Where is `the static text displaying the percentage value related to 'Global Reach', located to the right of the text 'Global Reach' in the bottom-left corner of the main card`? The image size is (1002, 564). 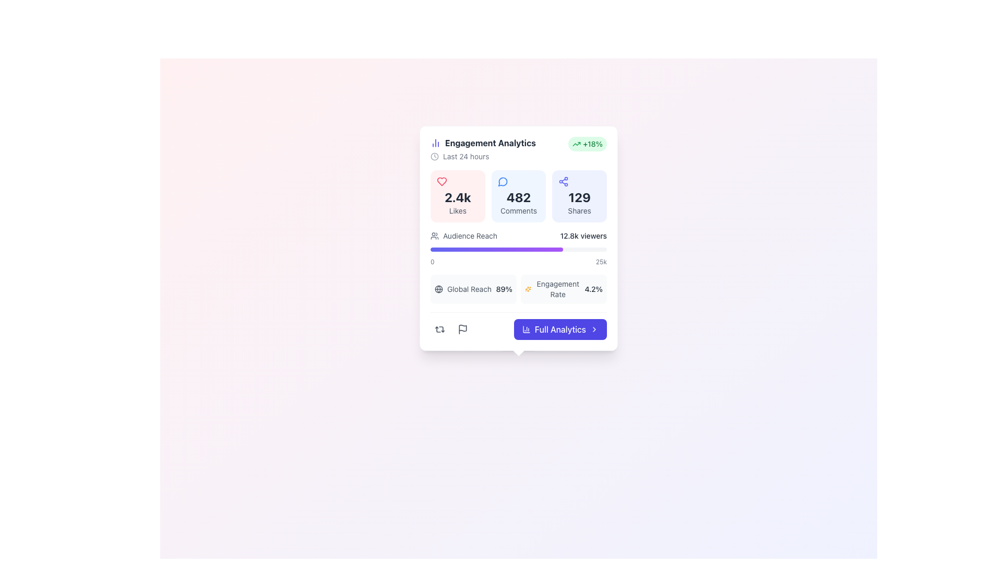 the static text displaying the percentage value related to 'Global Reach', located to the right of the text 'Global Reach' in the bottom-left corner of the main card is located at coordinates (504, 289).